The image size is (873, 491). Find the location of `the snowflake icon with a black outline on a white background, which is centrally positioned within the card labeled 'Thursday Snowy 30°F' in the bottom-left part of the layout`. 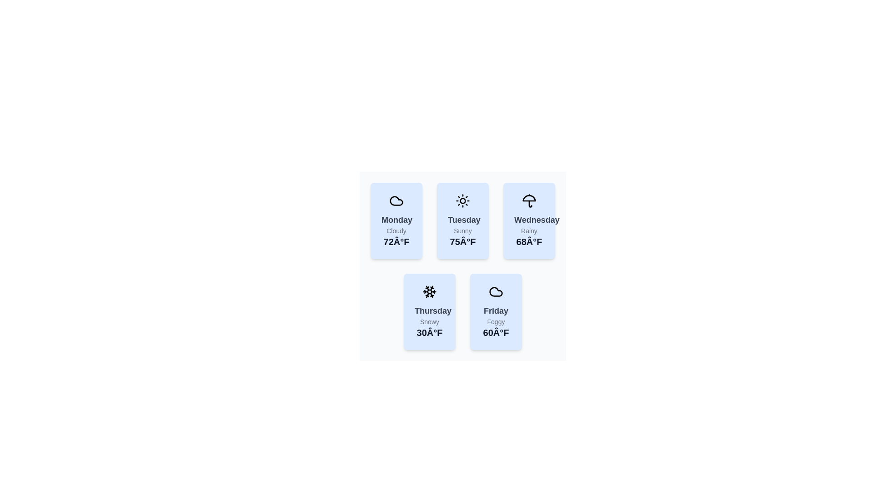

the snowflake icon with a black outline on a white background, which is centrally positioned within the card labeled 'Thursday Snowy 30°F' in the bottom-left part of the layout is located at coordinates (429, 291).